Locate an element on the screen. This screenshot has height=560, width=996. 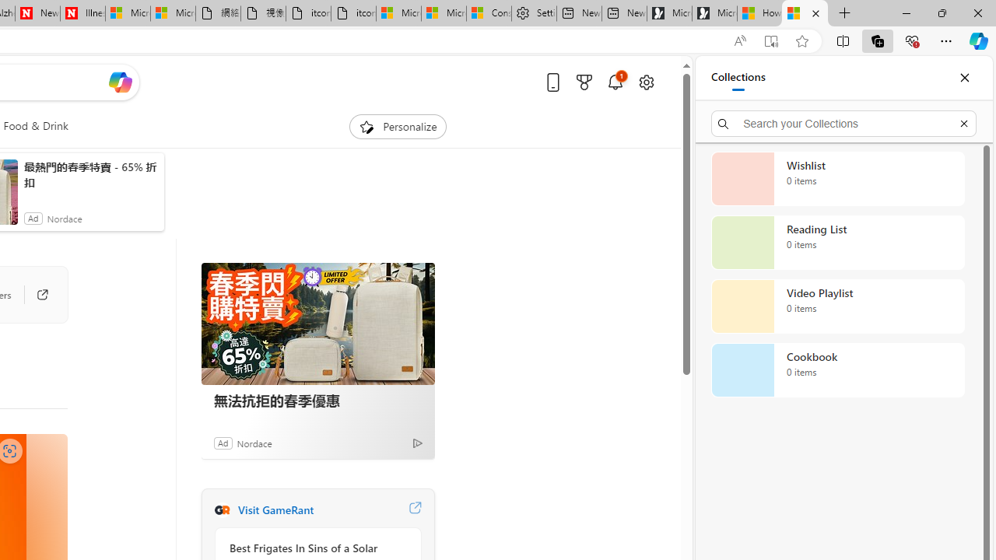
'Consumer Health Data Privacy Policy' is located at coordinates (488, 13).